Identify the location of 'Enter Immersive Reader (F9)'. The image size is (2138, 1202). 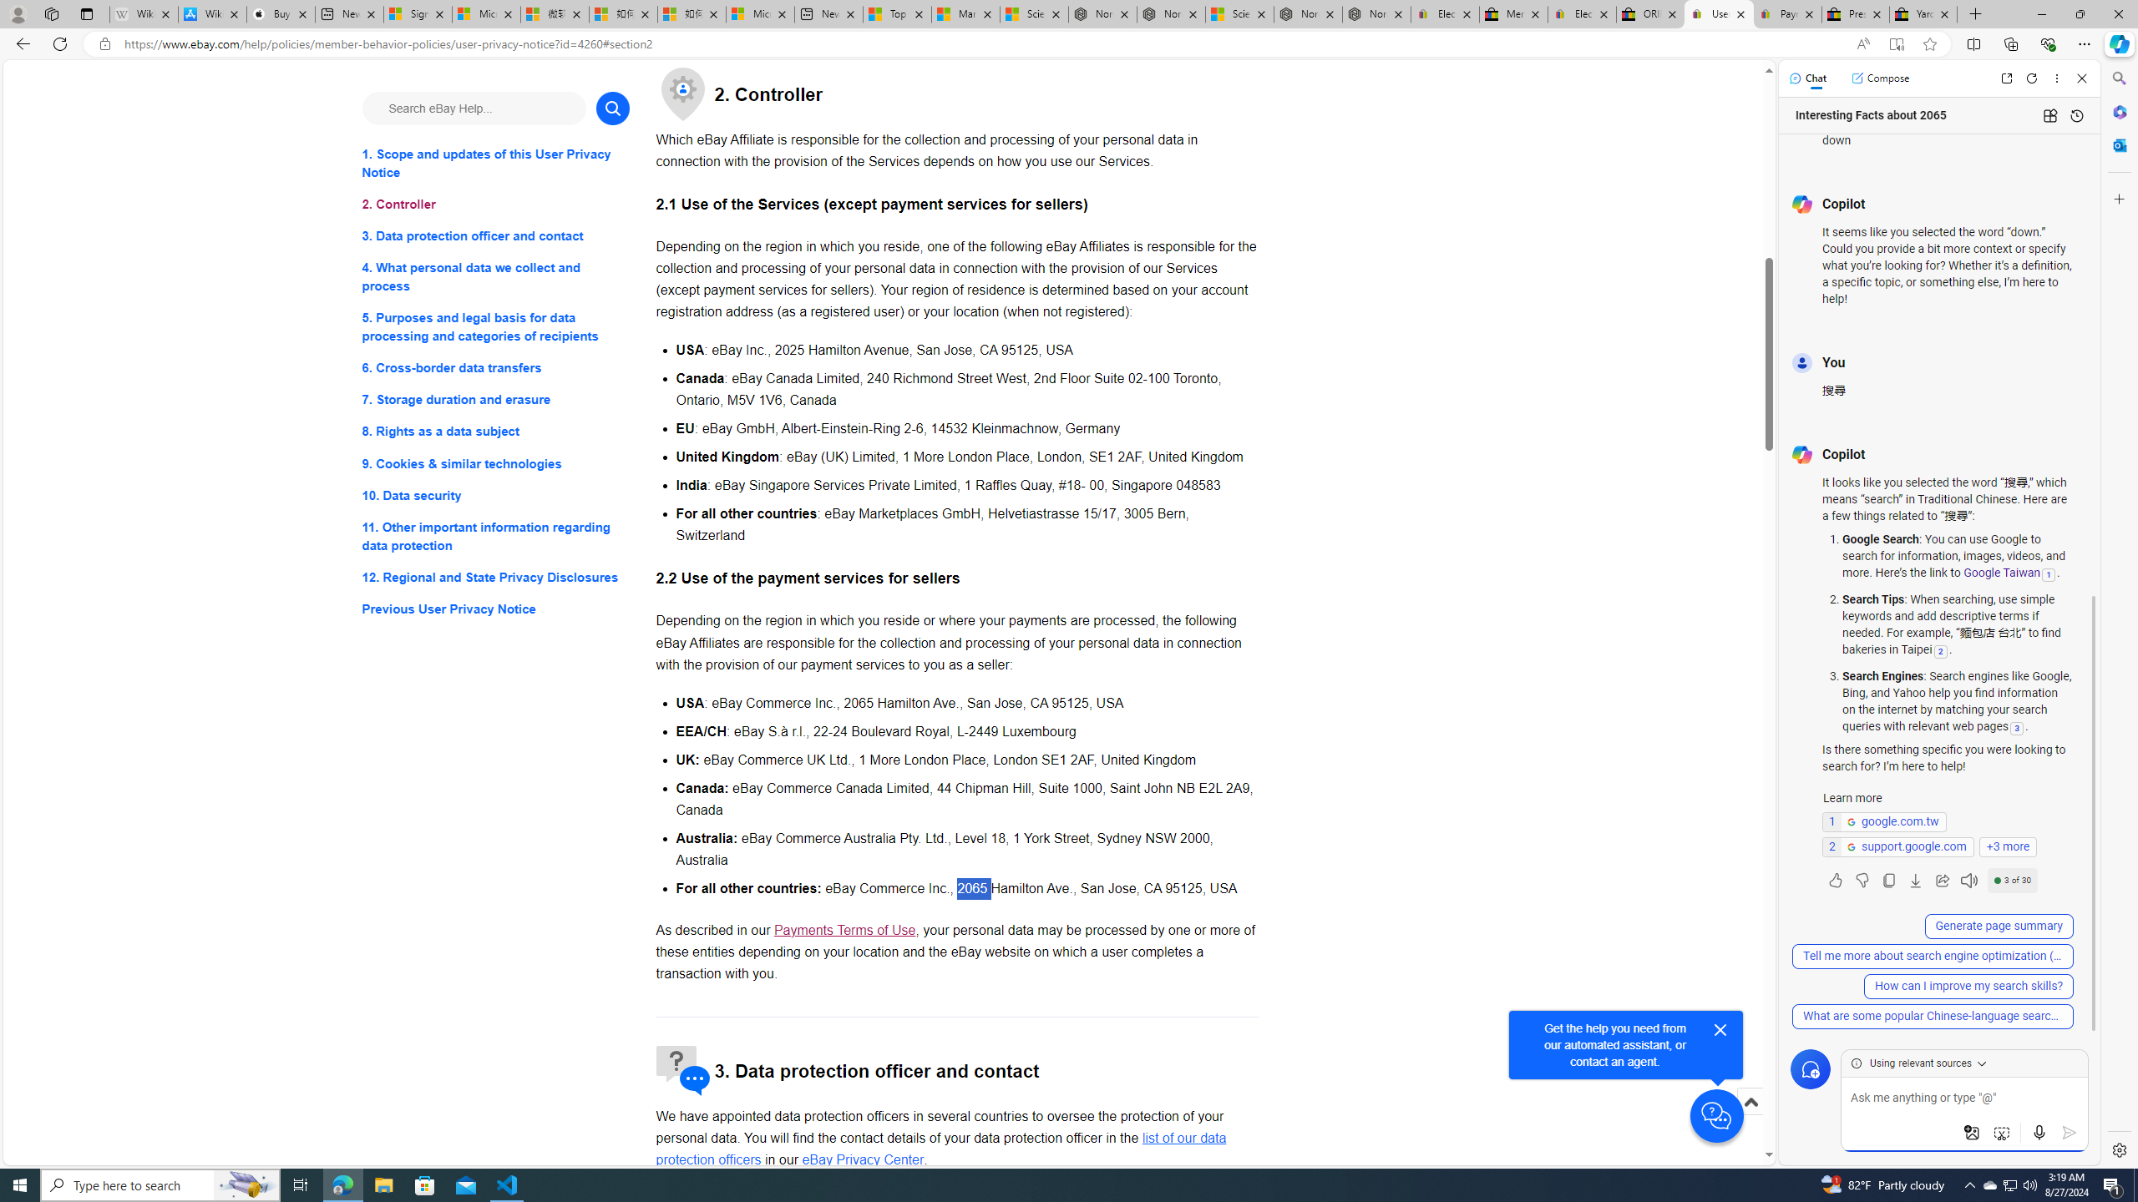
(1896, 44).